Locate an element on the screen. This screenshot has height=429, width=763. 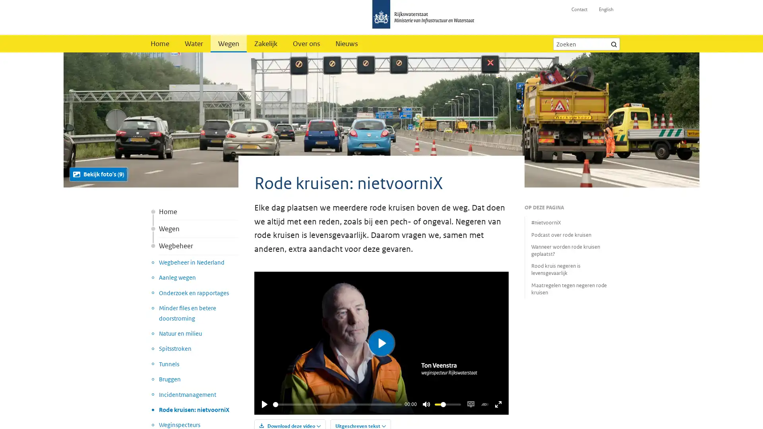
Zoek is located at coordinates (613, 44).